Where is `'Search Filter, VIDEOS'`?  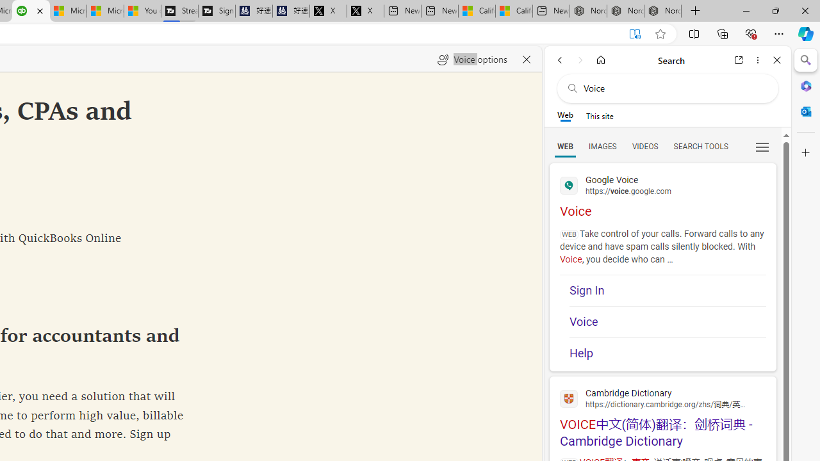
'Search Filter, VIDEOS' is located at coordinates (644, 145).